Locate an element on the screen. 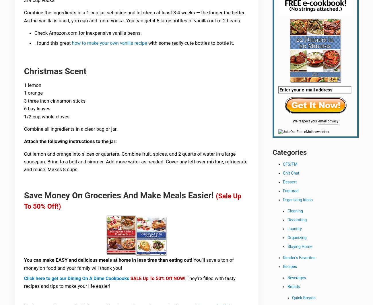 The image size is (373, 305). 'Combine all ingredients in a clear bag or jar.' is located at coordinates (71, 130).